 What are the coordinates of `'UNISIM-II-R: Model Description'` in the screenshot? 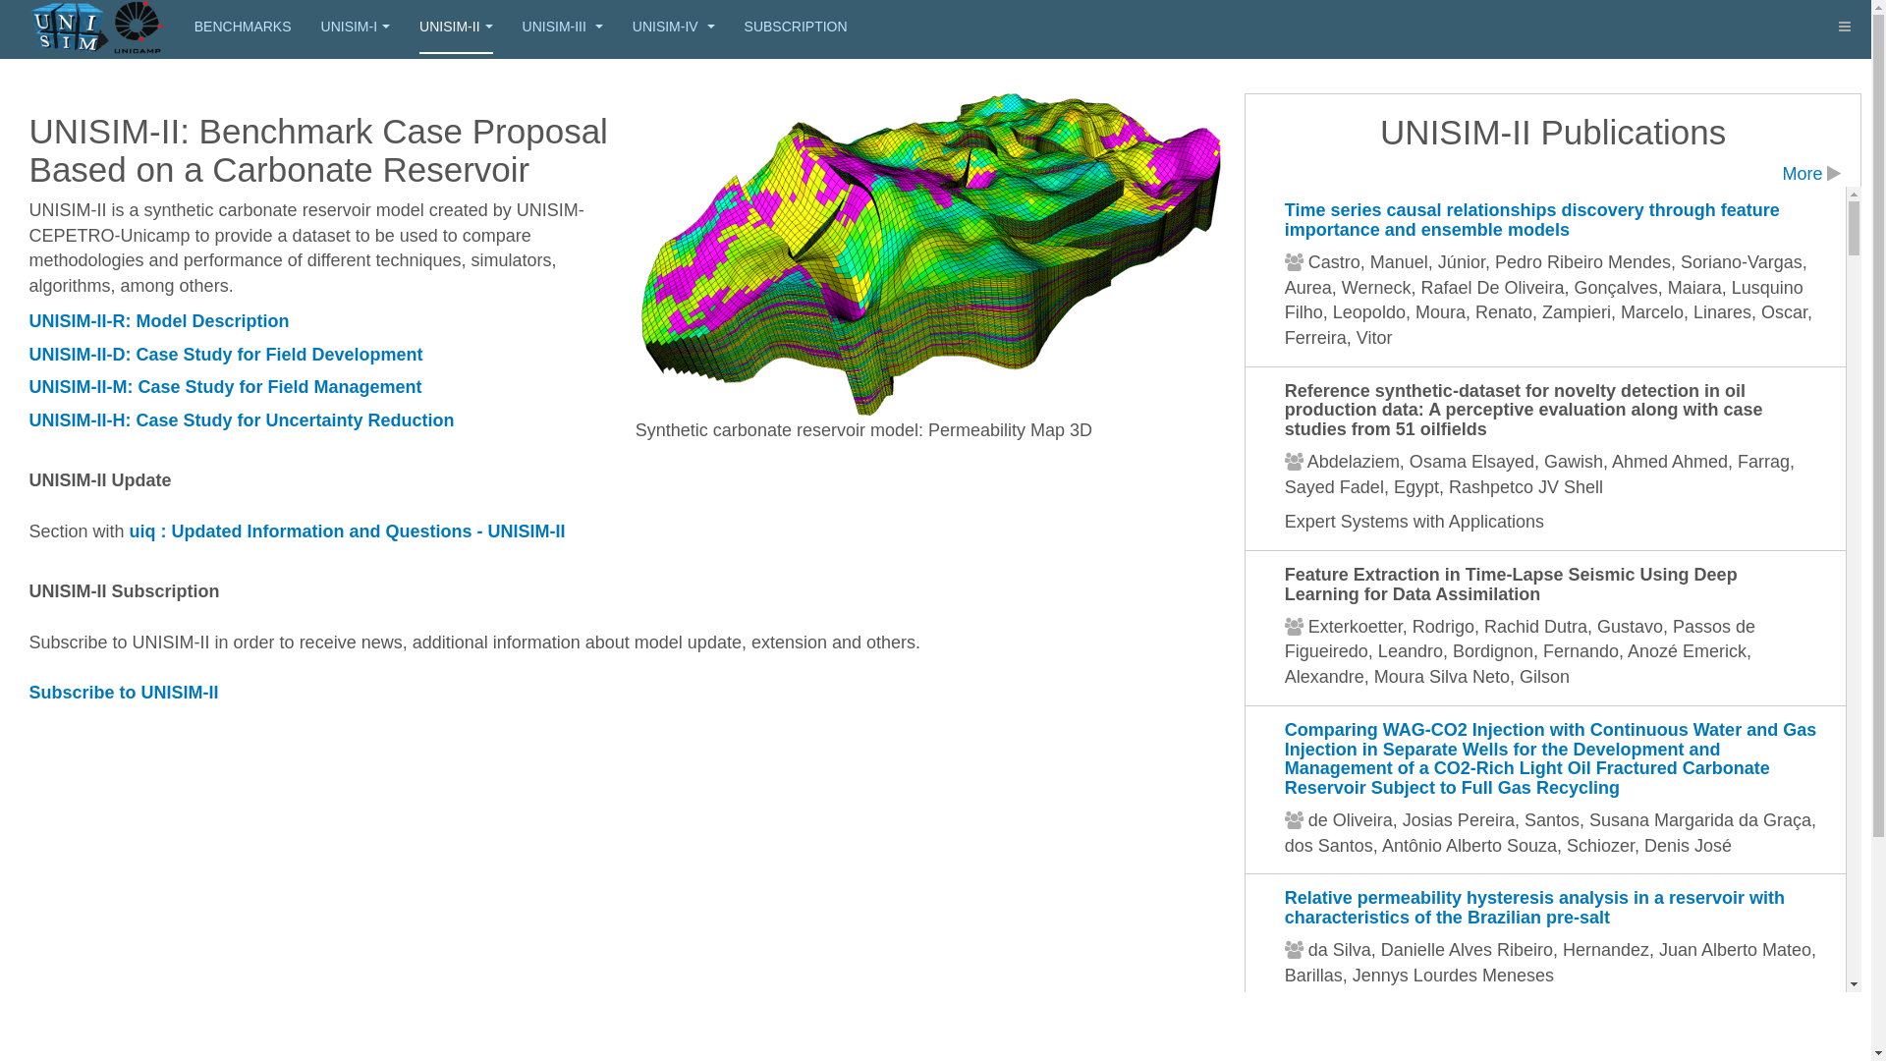 It's located at (159, 320).